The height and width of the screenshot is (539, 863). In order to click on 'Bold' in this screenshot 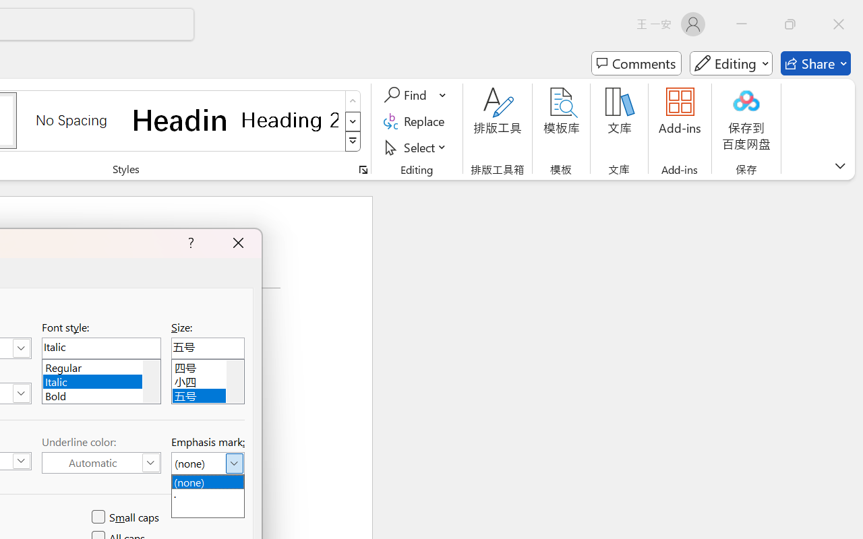, I will do `click(100, 393)`.